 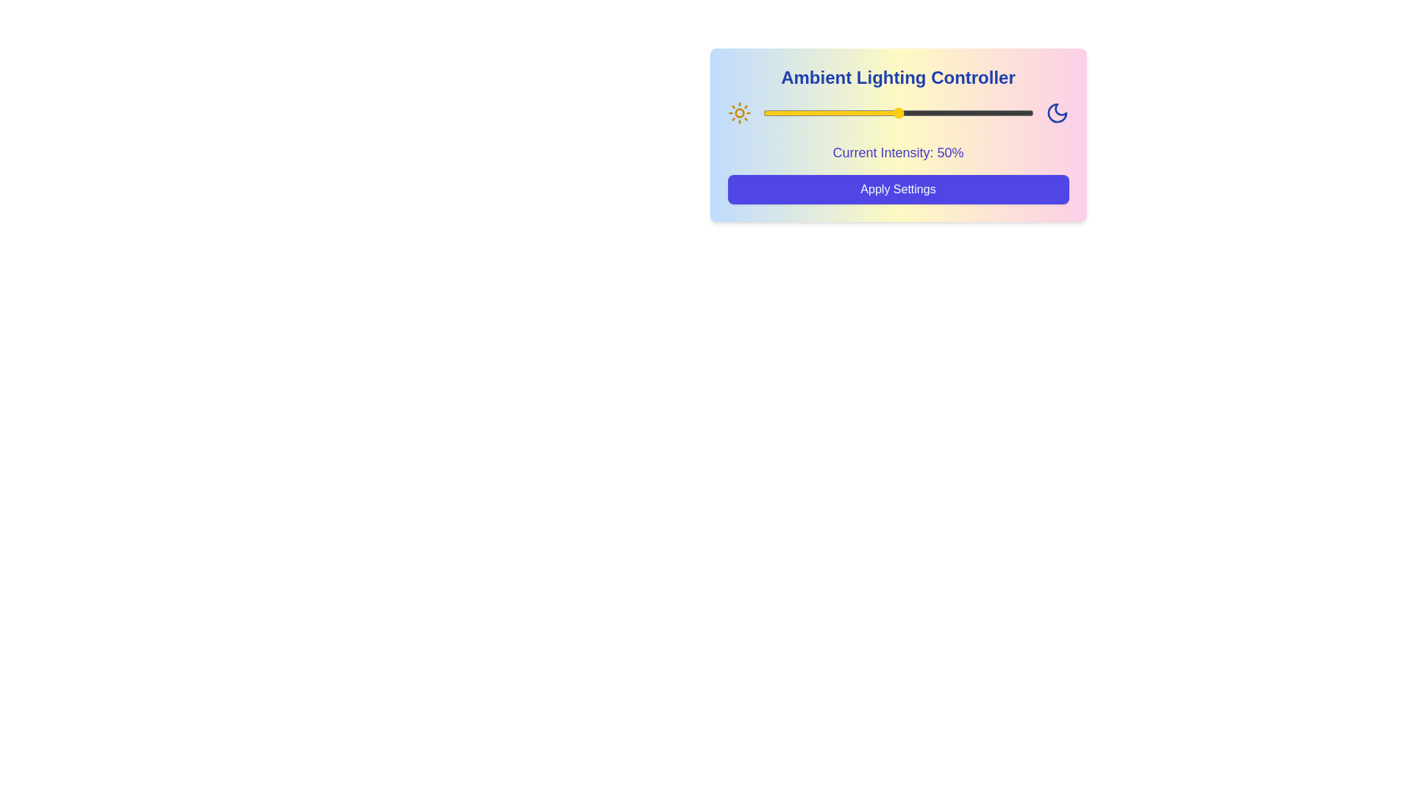 I want to click on the lighting intensity to 10% using the slider, so click(x=789, y=112).